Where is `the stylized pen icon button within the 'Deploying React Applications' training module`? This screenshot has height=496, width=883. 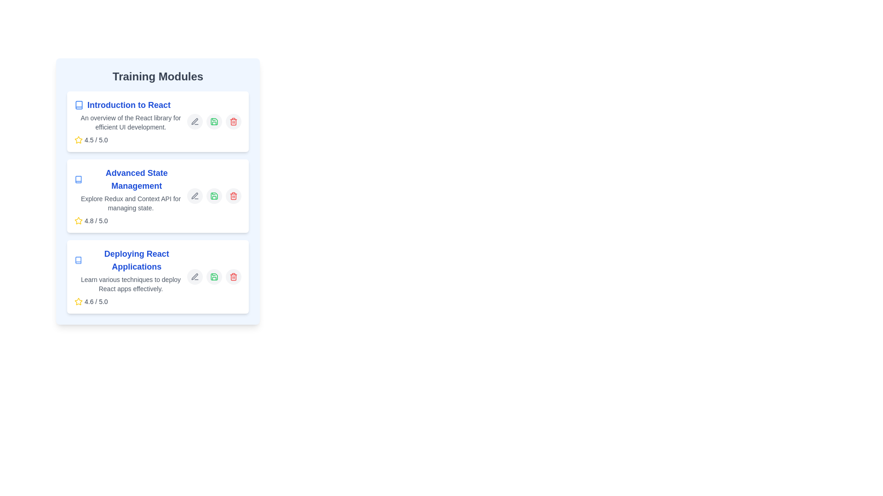 the stylized pen icon button within the 'Deploying React Applications' training module is located at coordinates (194, 276).